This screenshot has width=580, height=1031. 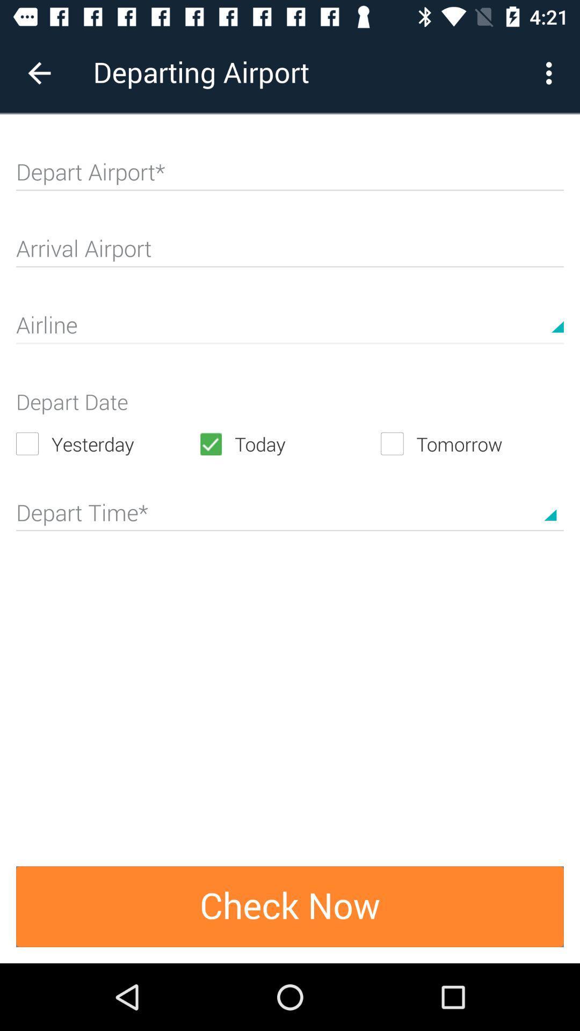 What do you see at coordinates (289, 444) in the screenshot?
I see `the item next to the yesterday icon` at bounding box center [289, 444].